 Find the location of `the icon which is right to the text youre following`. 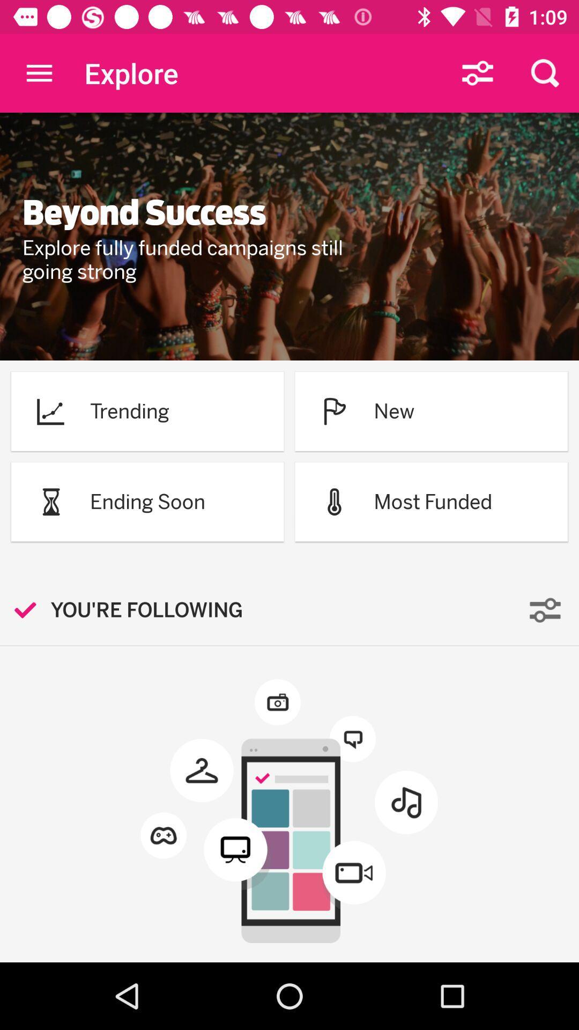

the icon which is right to the text youre following is located at coordinates (545, 610).